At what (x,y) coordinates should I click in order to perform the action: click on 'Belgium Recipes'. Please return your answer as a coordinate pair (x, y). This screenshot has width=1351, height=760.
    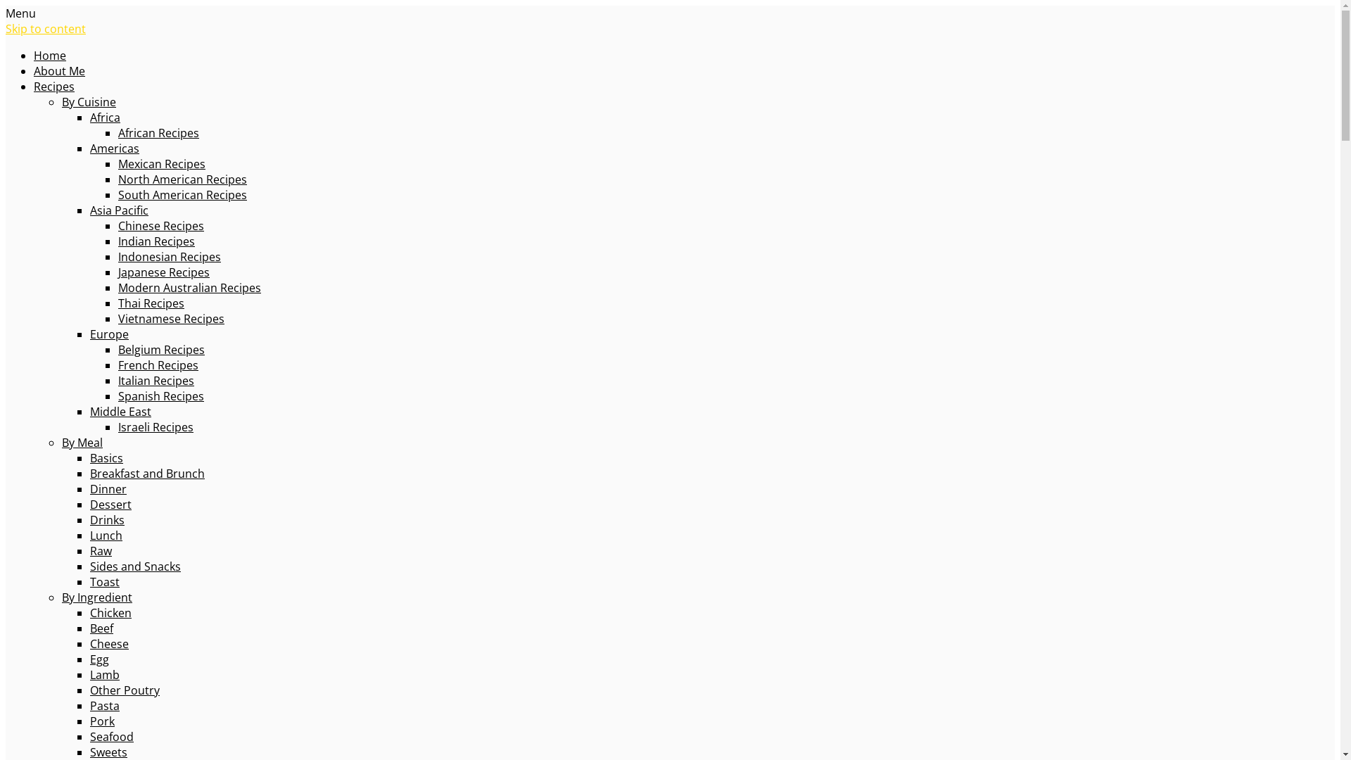
    Looking at the image, I should click on (161, 349).